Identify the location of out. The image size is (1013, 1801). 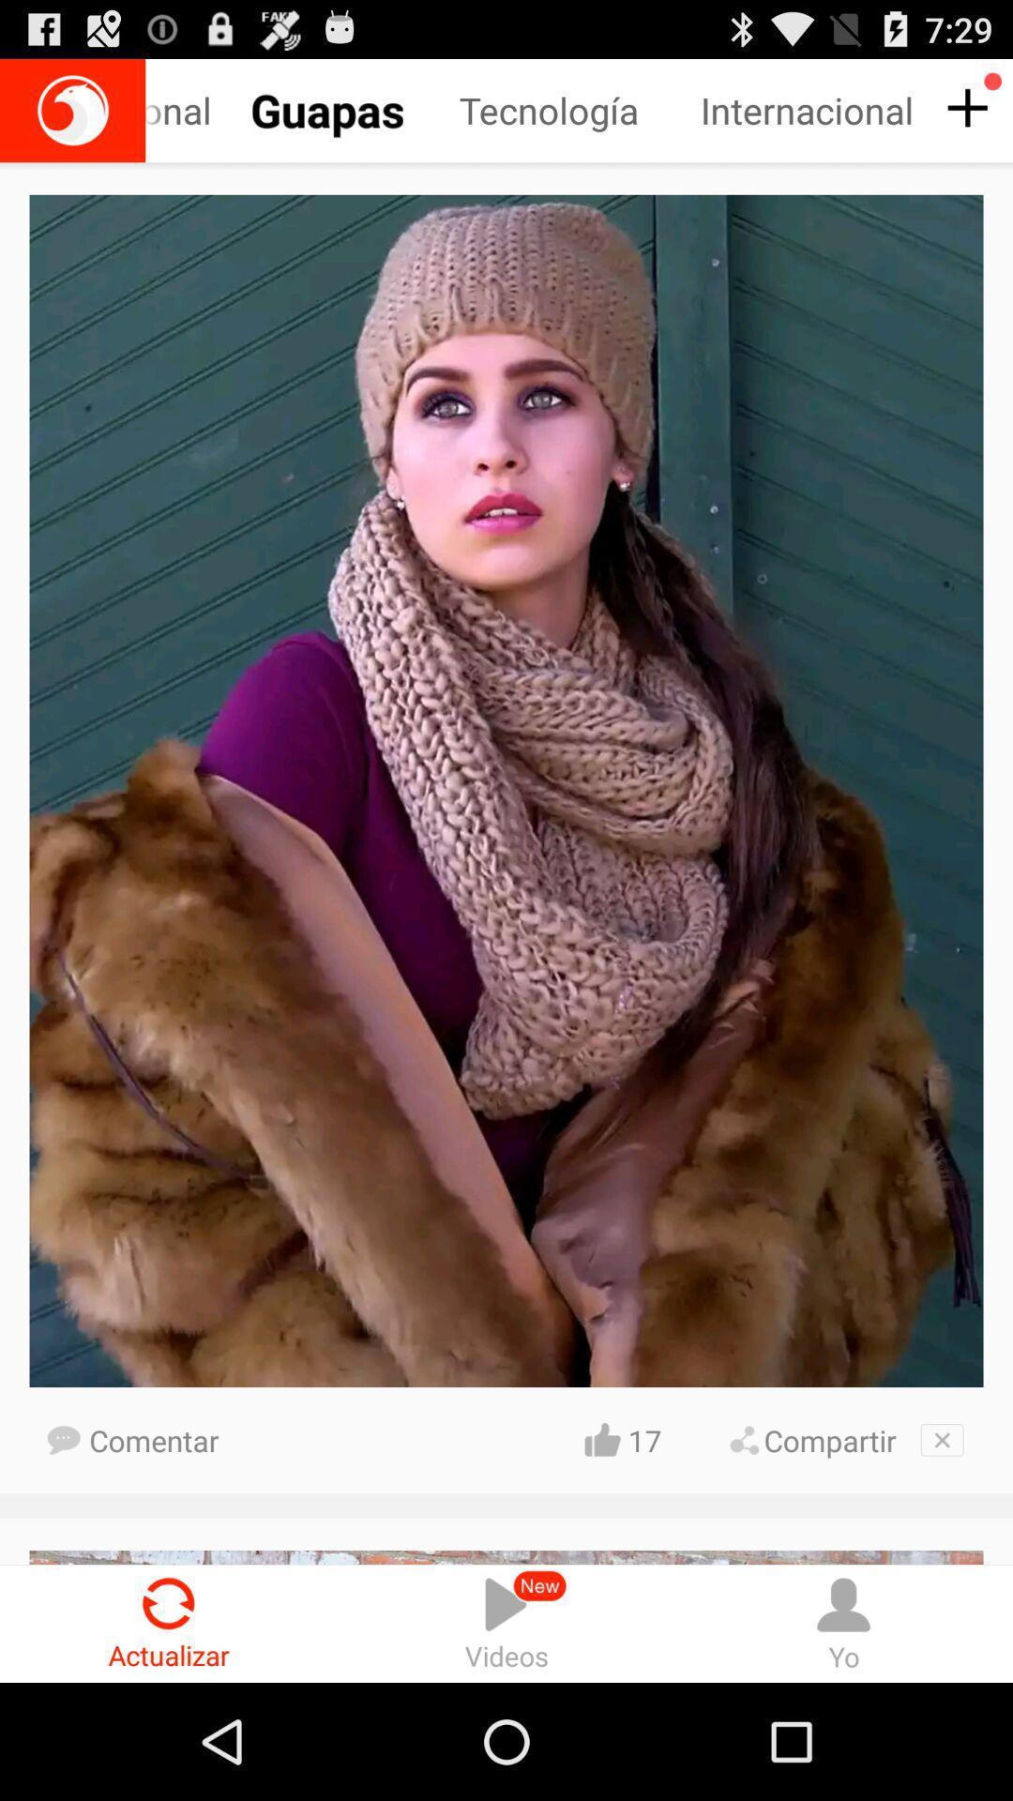
(942, 1439).